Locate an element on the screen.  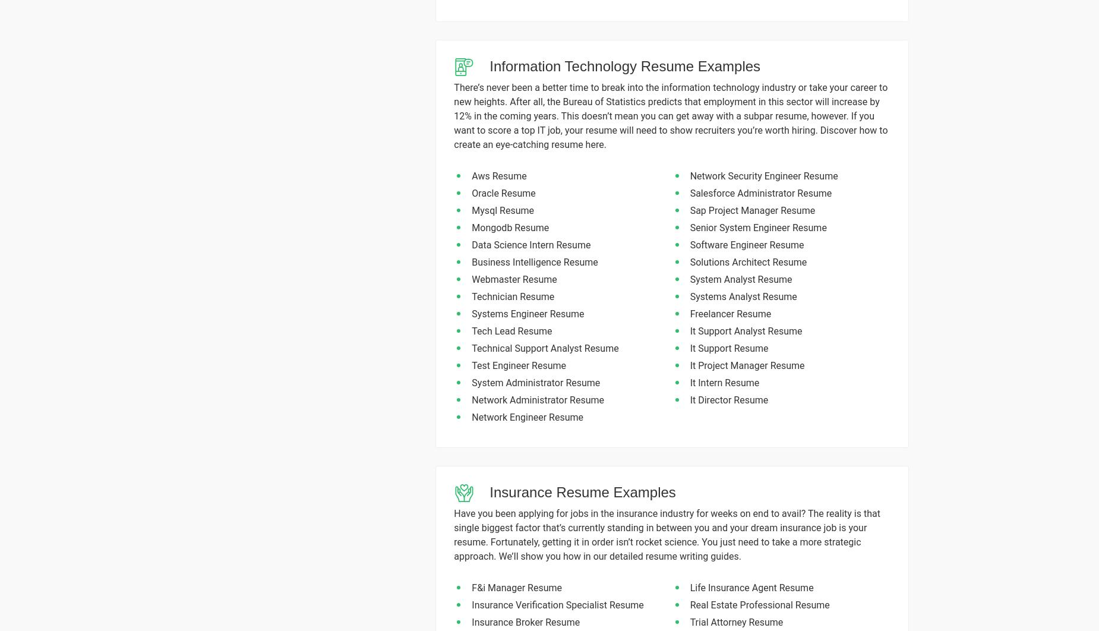
'Software Engineer Resume' is located at coordinates (746, 244).